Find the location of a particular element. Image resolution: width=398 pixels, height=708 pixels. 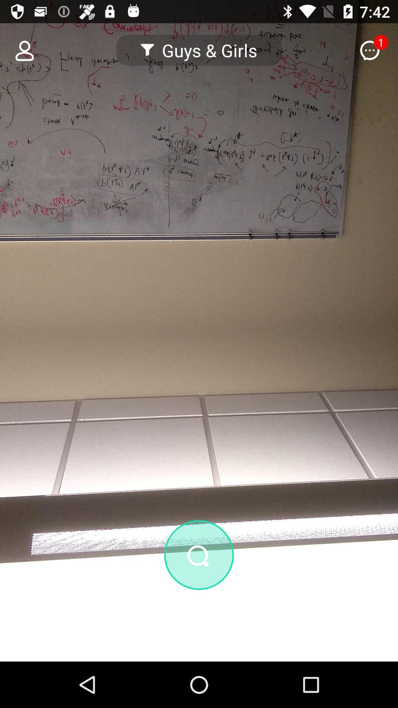

the icon at the top left corner is located at coordinates (20, 50).